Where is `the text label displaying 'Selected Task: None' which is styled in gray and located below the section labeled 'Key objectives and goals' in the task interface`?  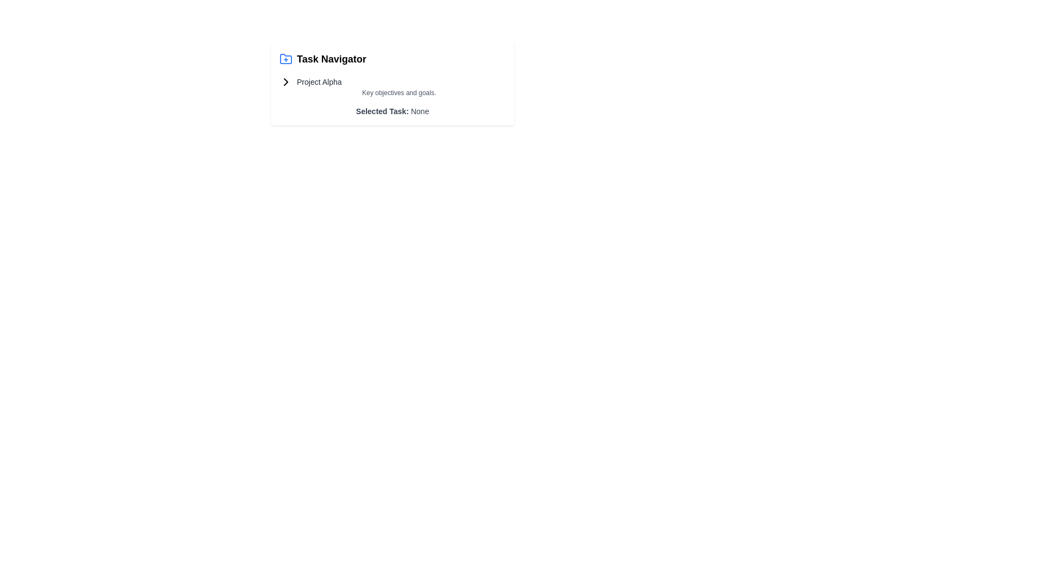 the text label displaying 'Selected Task: None' which is styled in gray and located below the section labeled 'Key objectives and goals' in the task interface is located at coordinates (391, 111).